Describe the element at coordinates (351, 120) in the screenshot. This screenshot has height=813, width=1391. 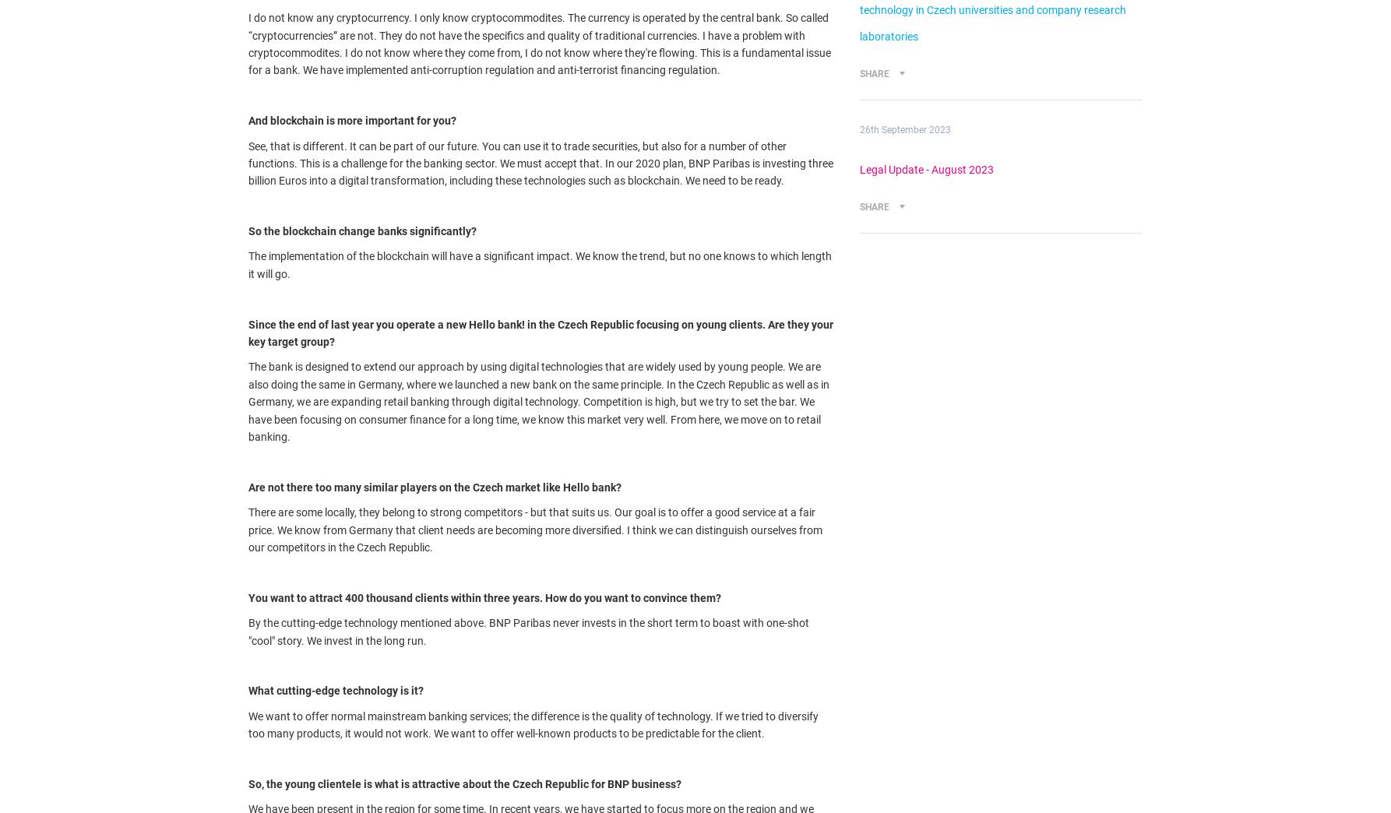
I see `'And blockchain is more important for you?'` at that location.